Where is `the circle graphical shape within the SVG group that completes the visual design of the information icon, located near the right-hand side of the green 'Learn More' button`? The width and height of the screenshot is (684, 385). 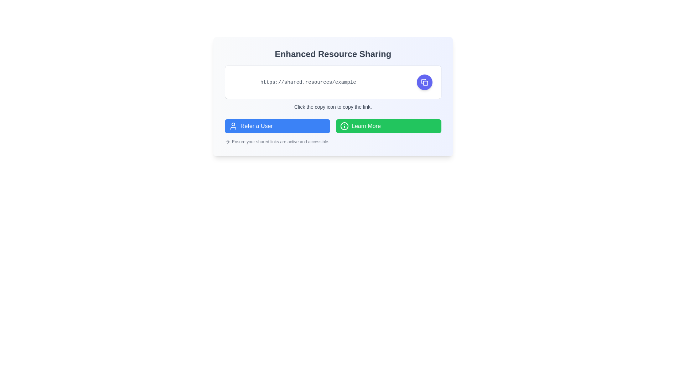 the circle graphical shape within the SVG group that completes the visual design of the information icon, located near the right-hand side of the green 'Learn More' button is located at coordinates (344, 126).